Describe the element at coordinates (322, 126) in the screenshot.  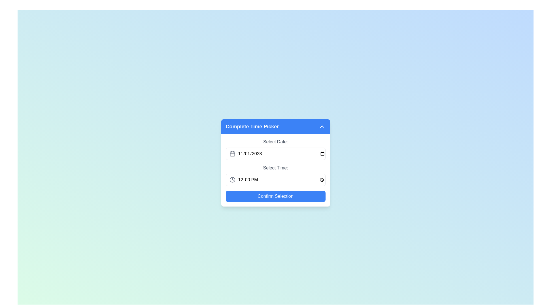
I see `the small up-facing chevron button styled with white color on a blue background located at the top-right corner of the 'Complete Time Picker' header section` at that location.